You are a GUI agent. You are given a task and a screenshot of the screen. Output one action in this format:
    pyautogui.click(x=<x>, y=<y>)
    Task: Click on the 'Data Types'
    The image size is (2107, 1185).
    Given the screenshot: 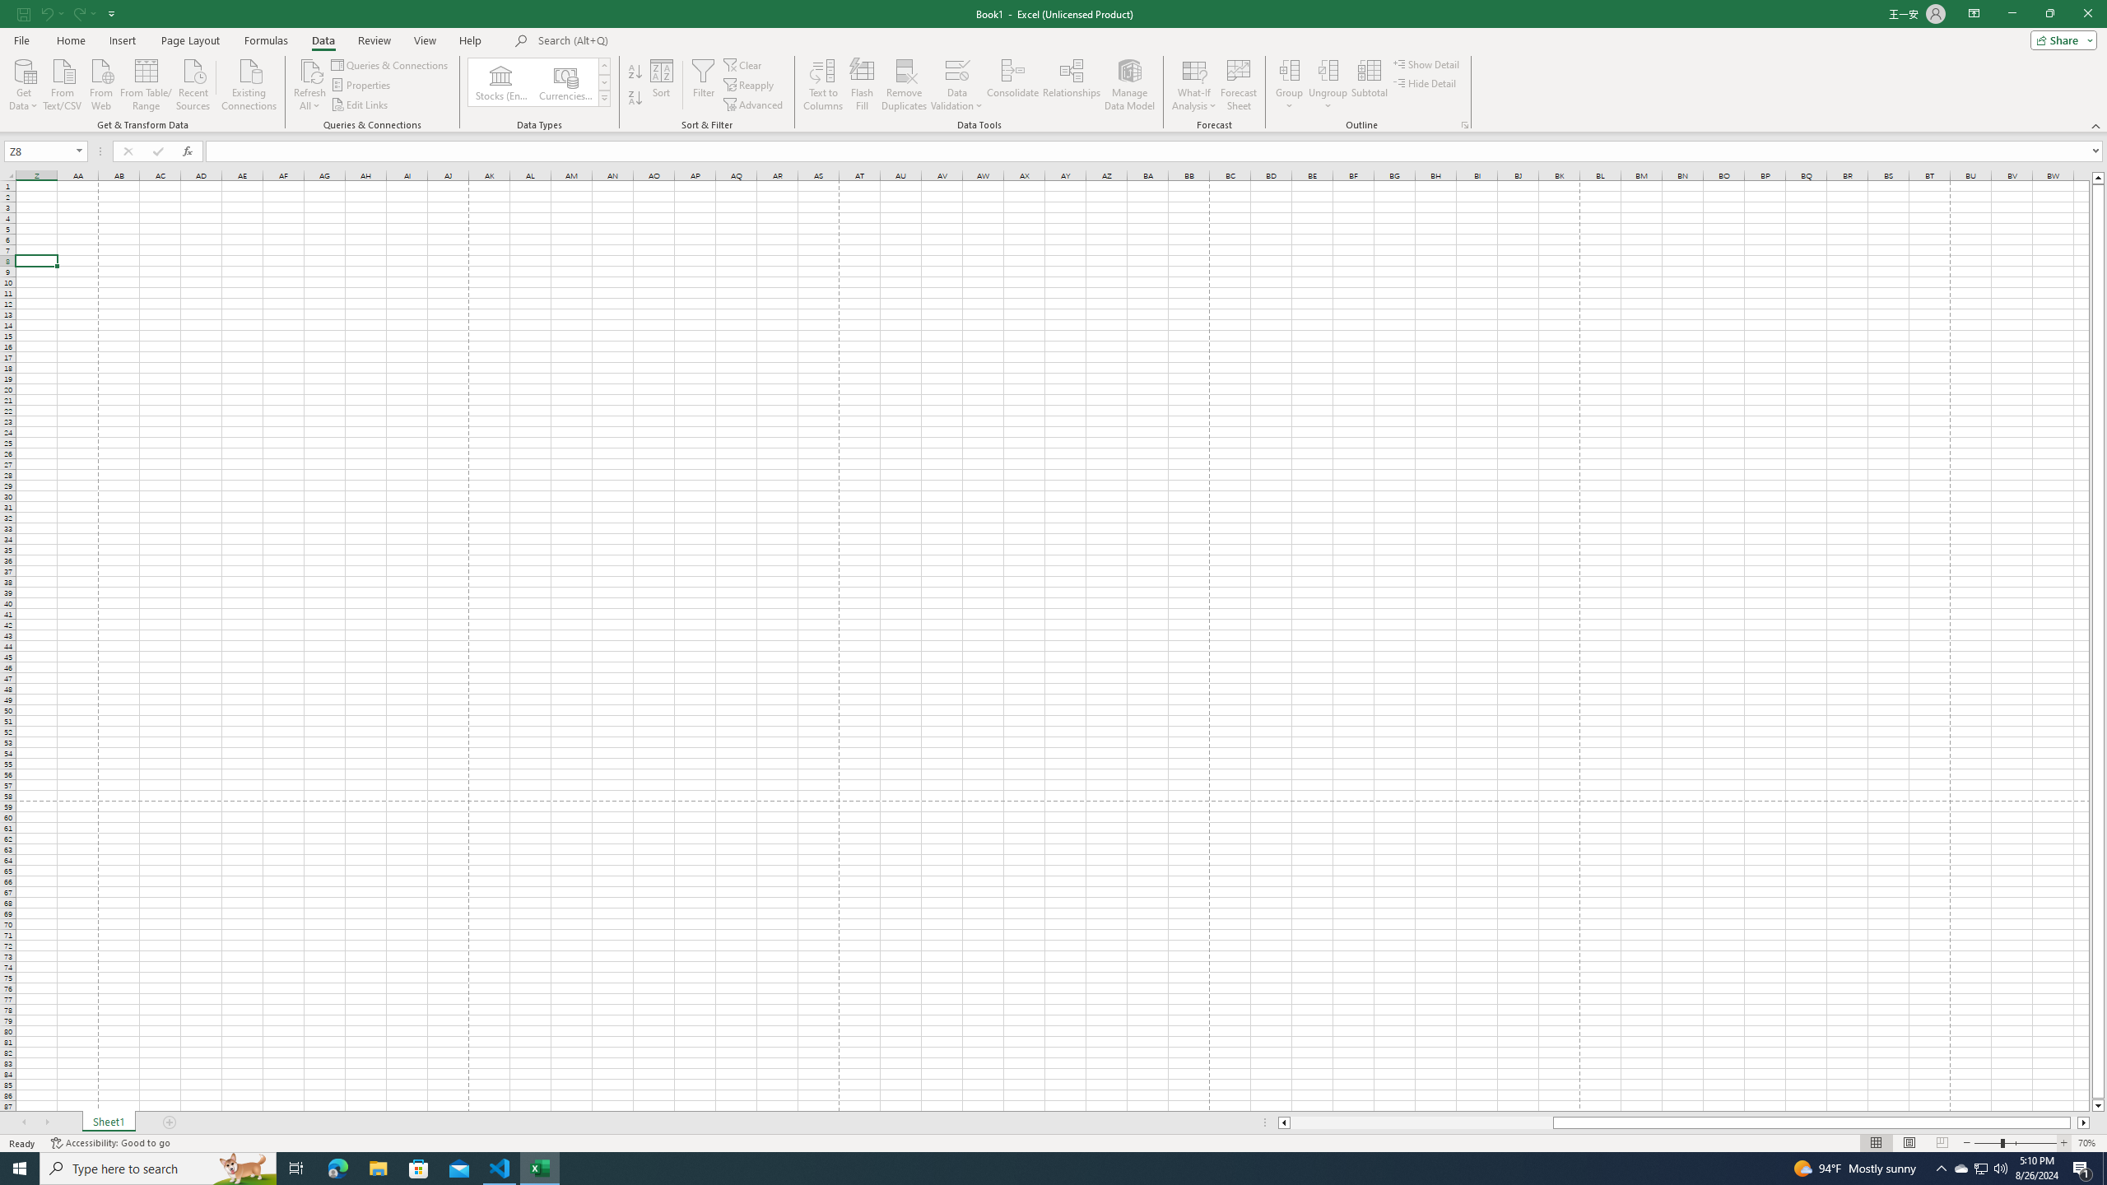 What is the action you would take?
    pyautogui.click(x=603, y=97)
    